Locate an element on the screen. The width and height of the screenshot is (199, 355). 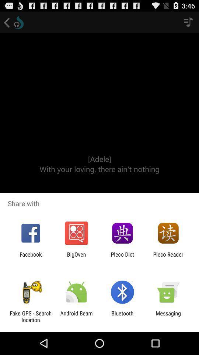
the messaging app is located at coordinates (168, 316).